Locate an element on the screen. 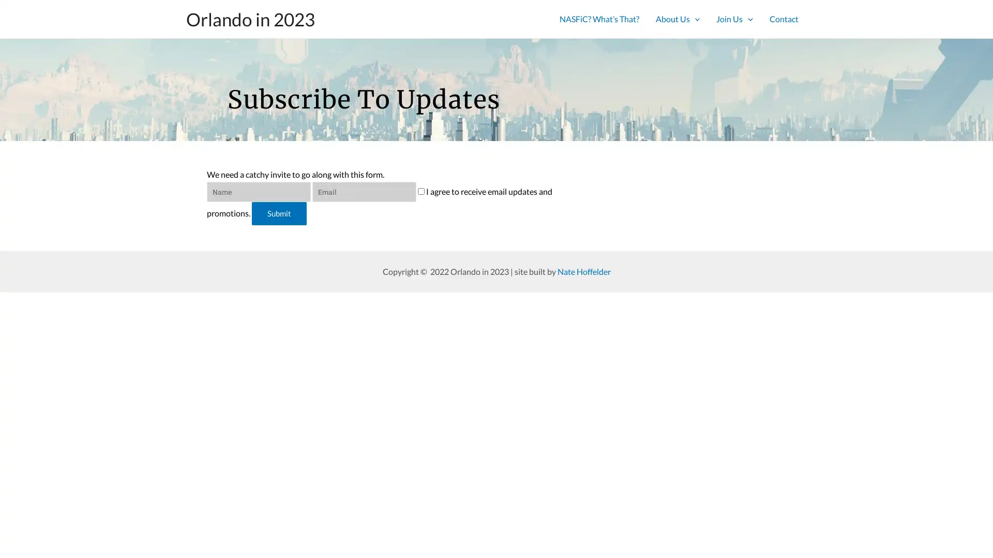  Submit is located at coordinates (279, 214).